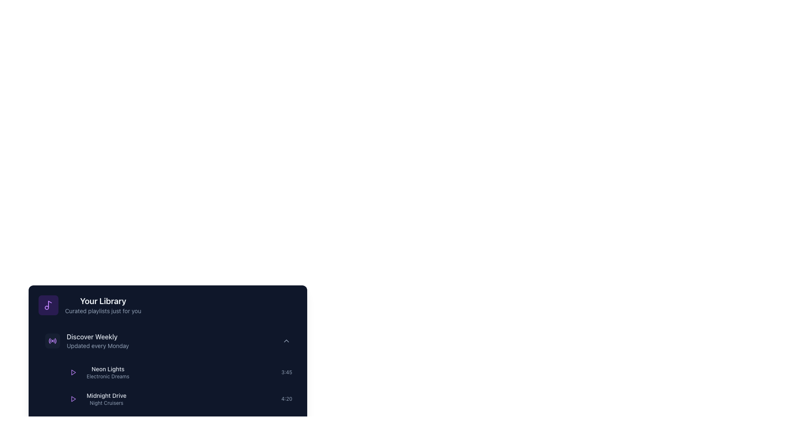 The height and width of the screenshot is (448, 796). What do you see at coordinates (286, 398) in the screenshot?
I see `the text label displaying the duration of the track 'Midnight Drive' located at the bottom-right corner of the music playlist card` at bounding box center [286, 398].